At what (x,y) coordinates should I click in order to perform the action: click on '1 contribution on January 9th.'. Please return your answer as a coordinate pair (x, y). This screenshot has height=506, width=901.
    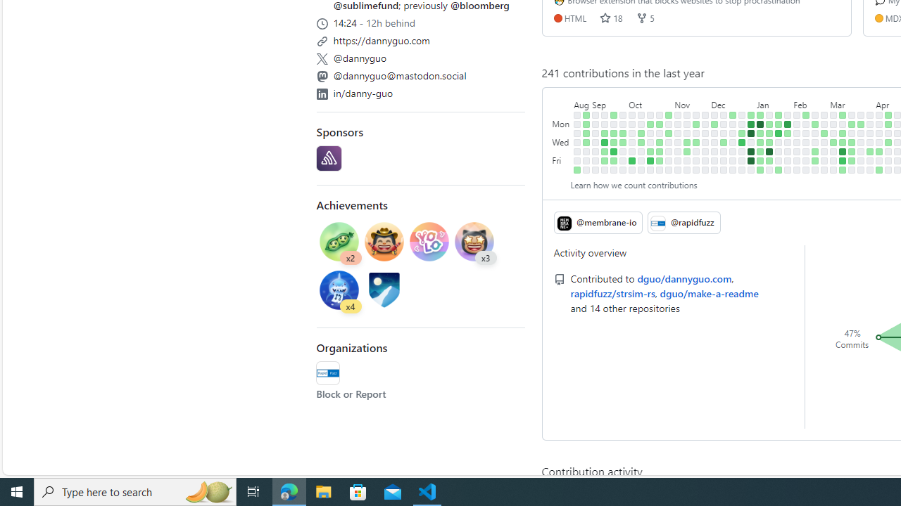
    Looking at the image, I should click on (760, 133).